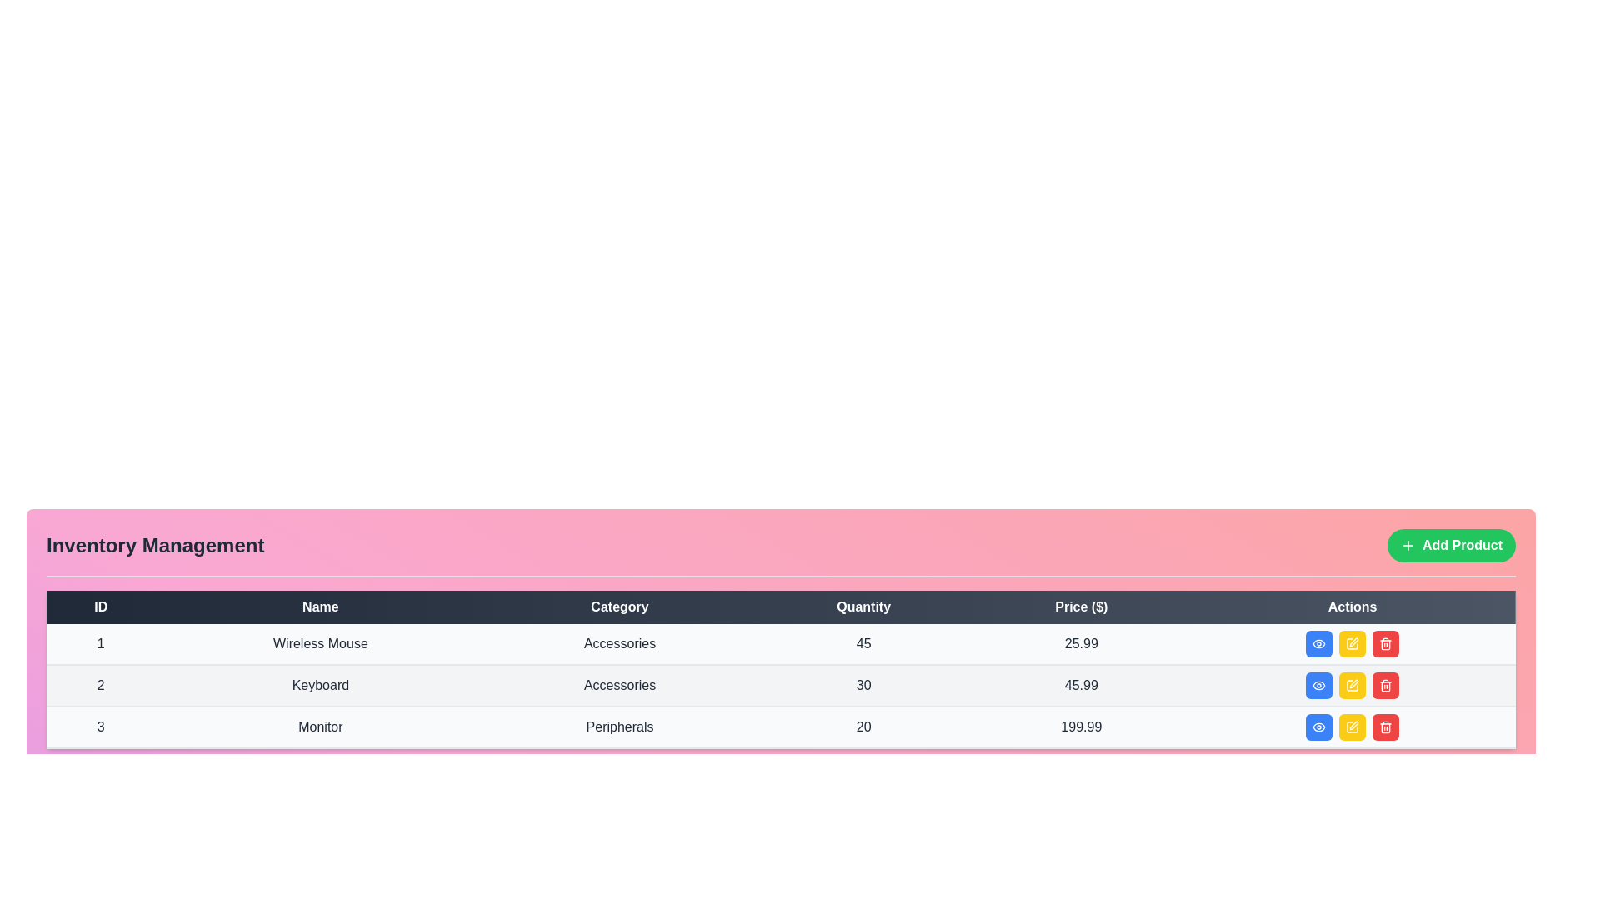  What do you see at coordinates (1352, 642) in the screenshot?
I see `the second button in the 'Actions' column of the table to initiate editing` at bounding box center [1352, 642].